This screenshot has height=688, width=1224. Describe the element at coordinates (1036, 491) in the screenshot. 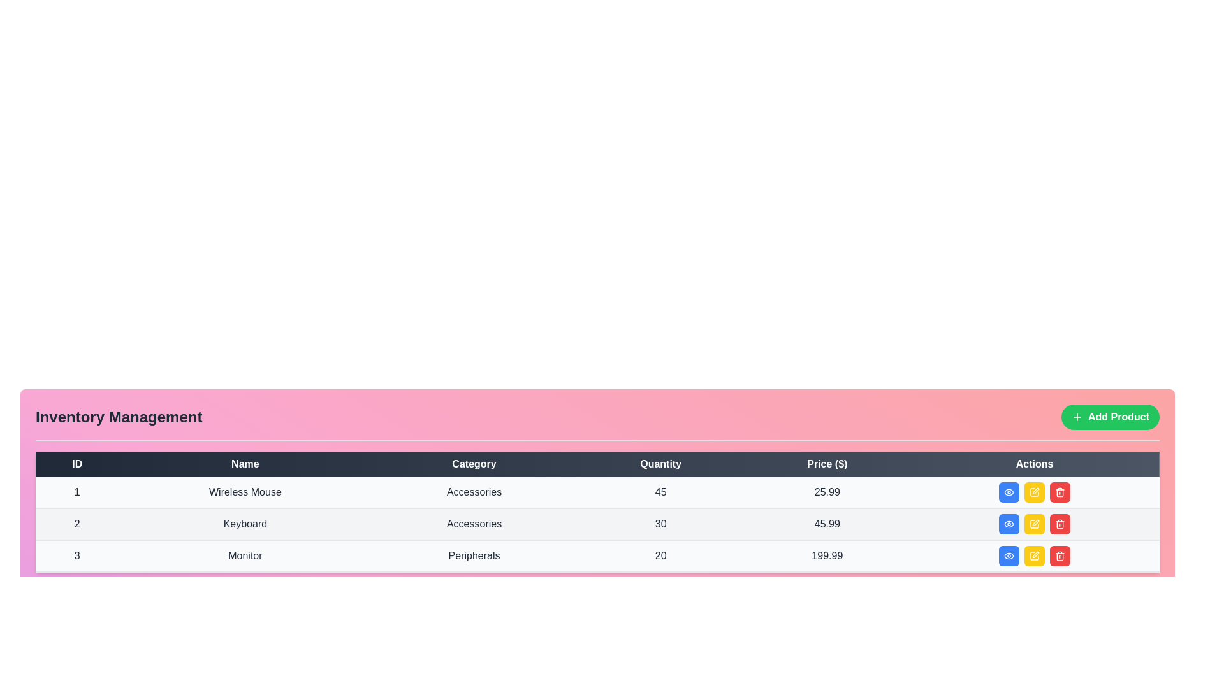

I see `the 'Edit' button in the 'Actions' column of the table` at that location.